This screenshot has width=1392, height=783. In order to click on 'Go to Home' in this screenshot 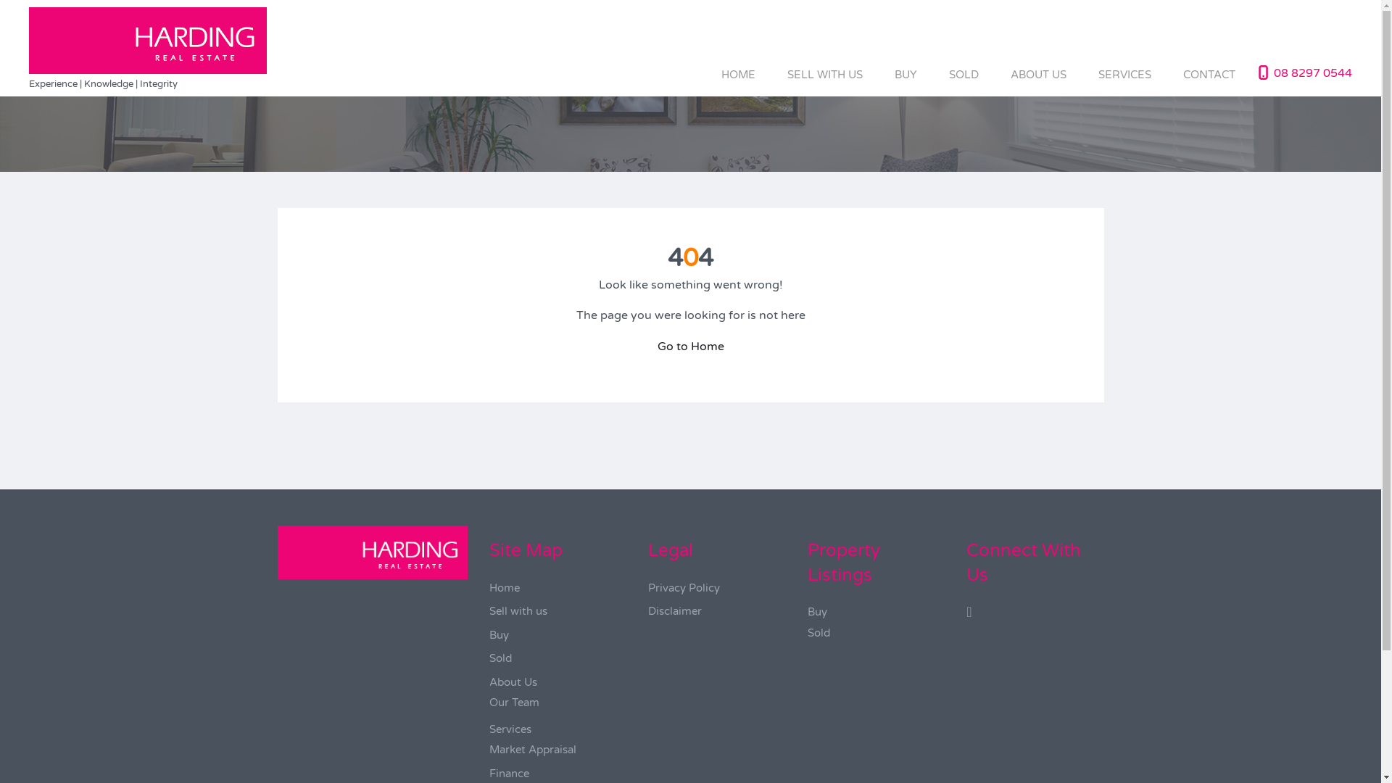, I will do `click(656, 347)`.